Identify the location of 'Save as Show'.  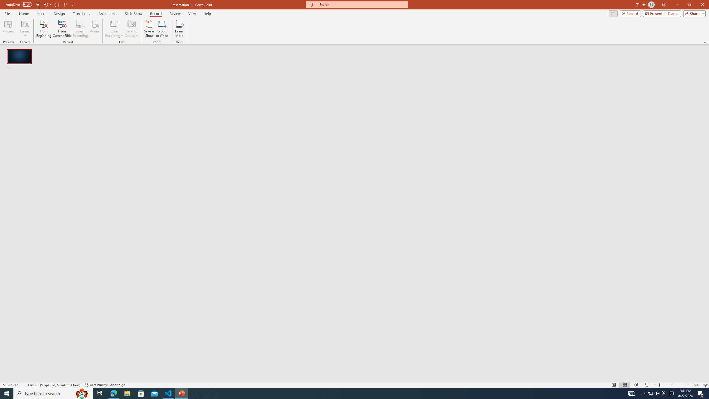
(149, 29).